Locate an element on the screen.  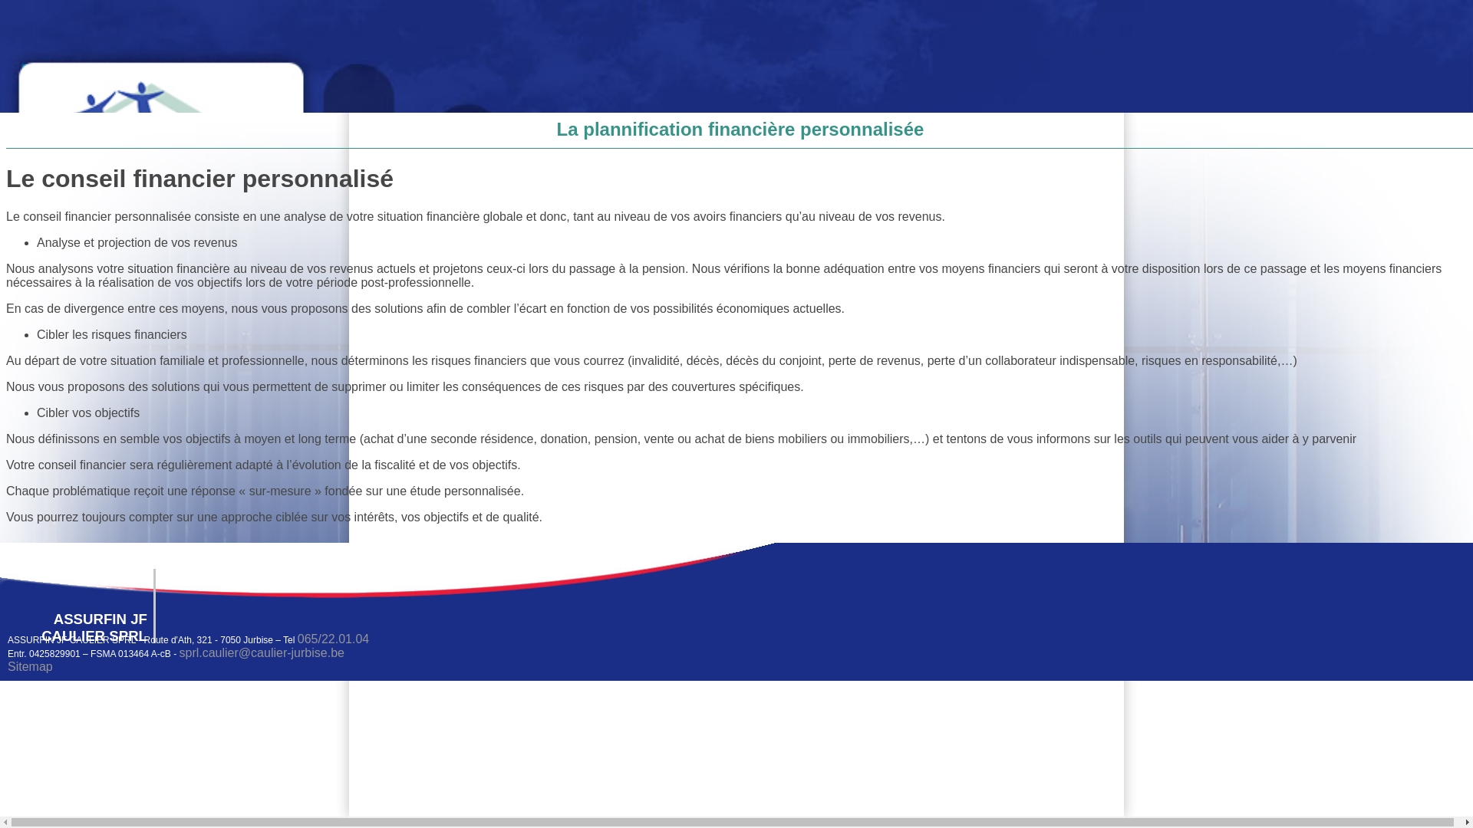
'065/22.01.04' is located at coordinates (332, 639).